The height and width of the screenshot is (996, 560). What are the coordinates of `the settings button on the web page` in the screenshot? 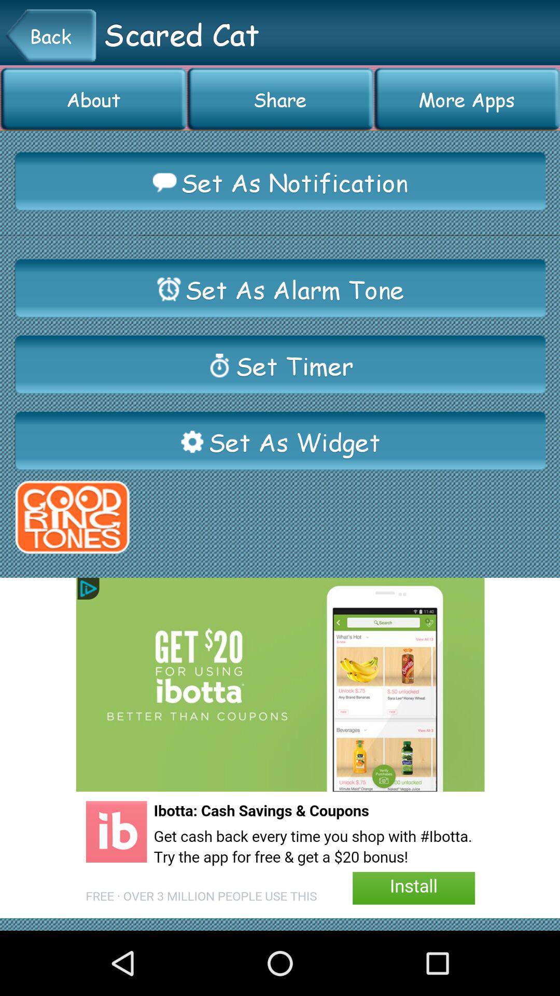 It's located at (192, 441).